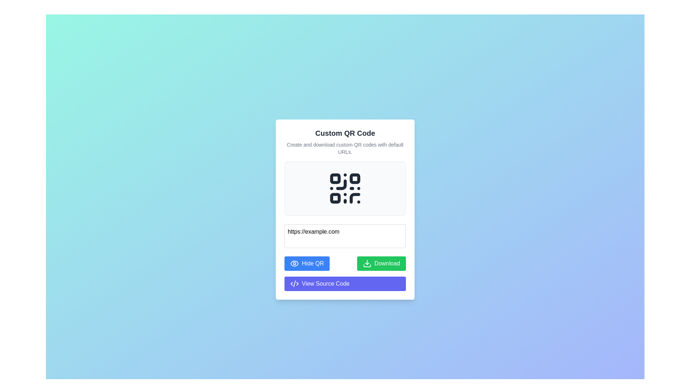 This screenshot has width=694, height=390. What do you see at coordinates (355, 178) in the screenshot?
I see `the second square from the left in the top row of the QR code graphic, which is part of the QR code representation` at bounding box center [355, 178].